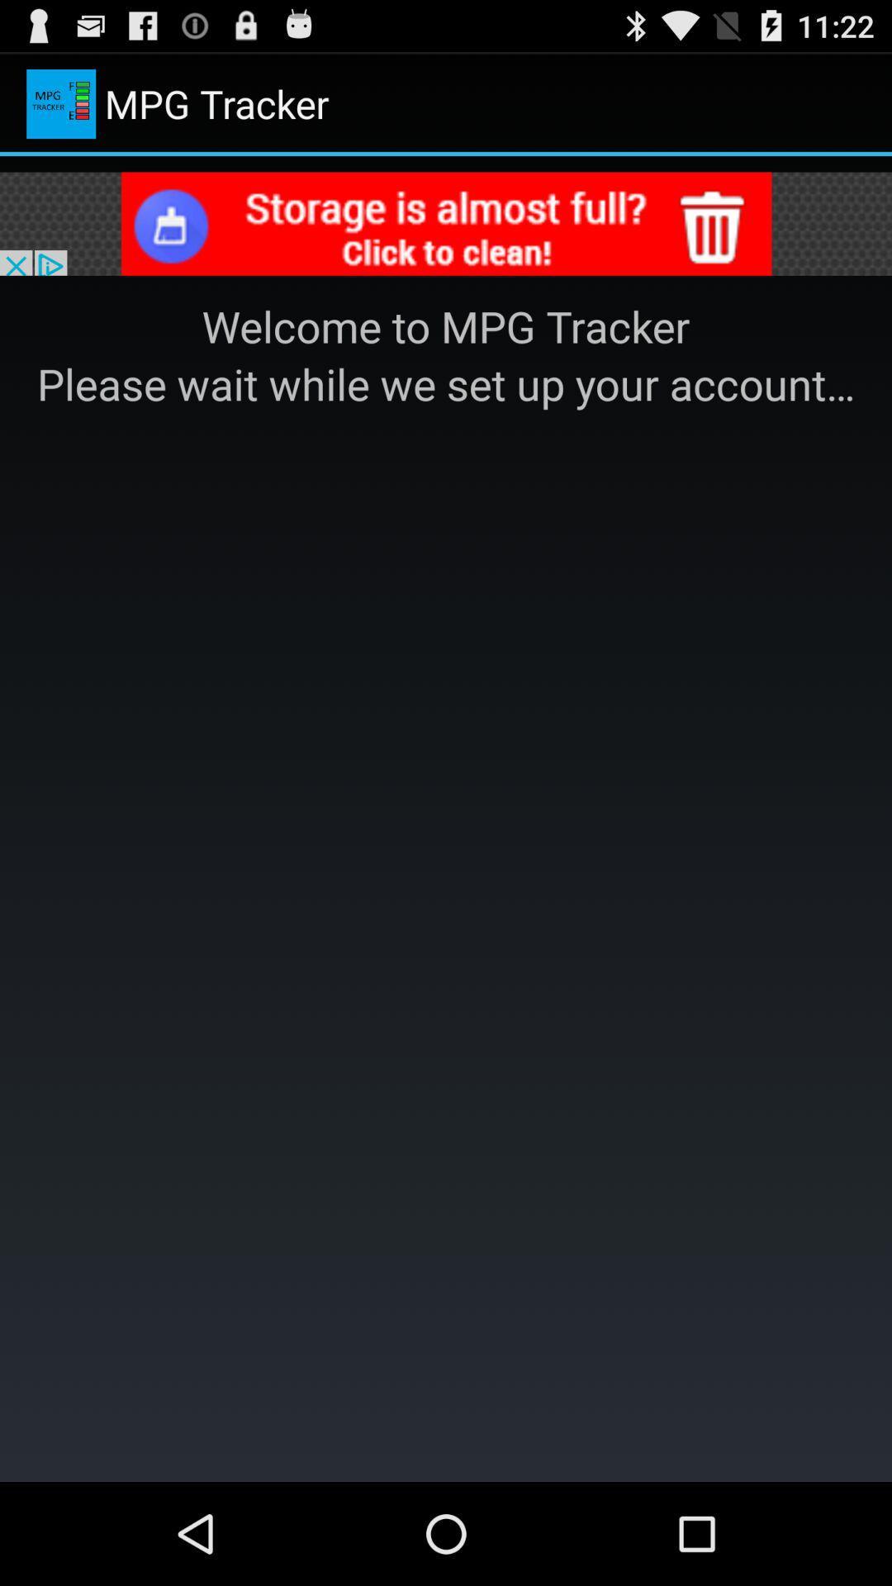 The width and height of the screenshot is (892, 1586). I want to click on advertising, so click(446, 226).